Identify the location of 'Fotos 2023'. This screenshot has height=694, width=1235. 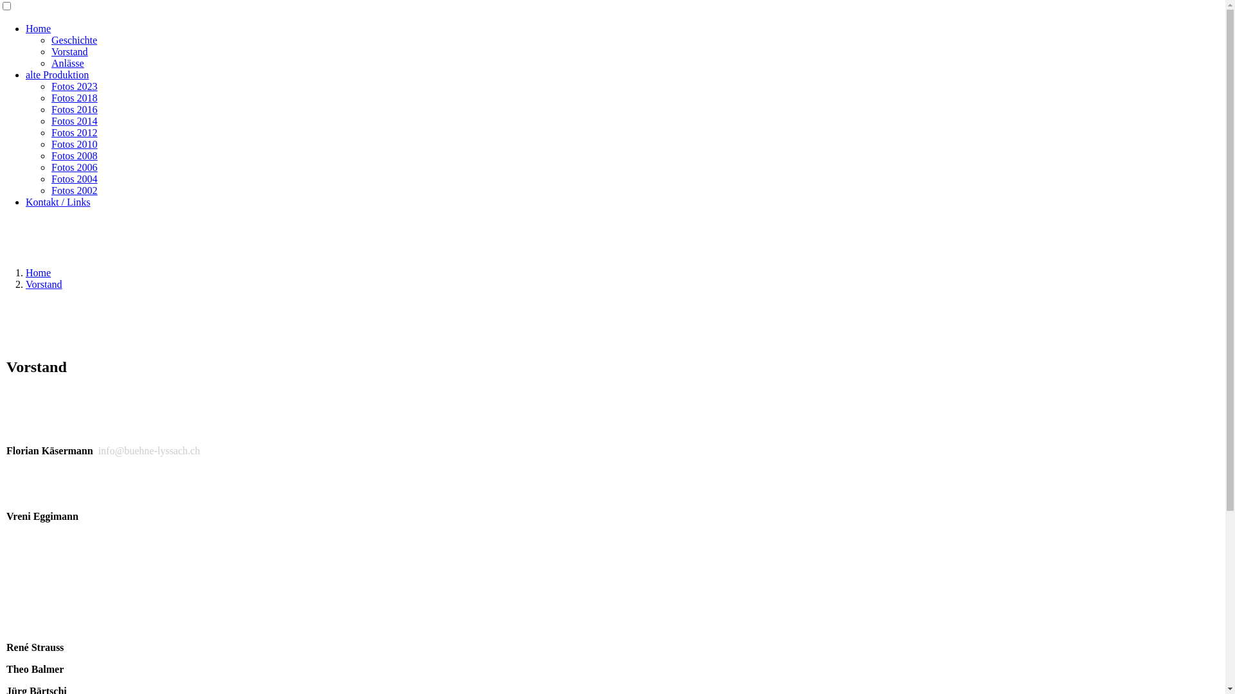
(73, 86).